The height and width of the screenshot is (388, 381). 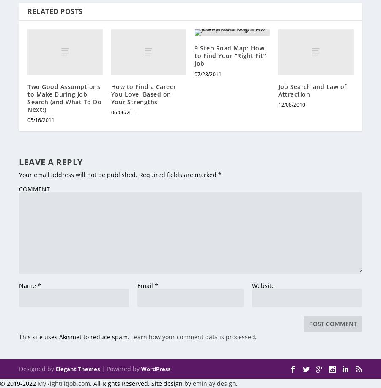 What do you see at coordinates (18, 336) in the screenshot?
I see `'This site uses Akismet to reduce spam.'` at bounding box center [18, 336].